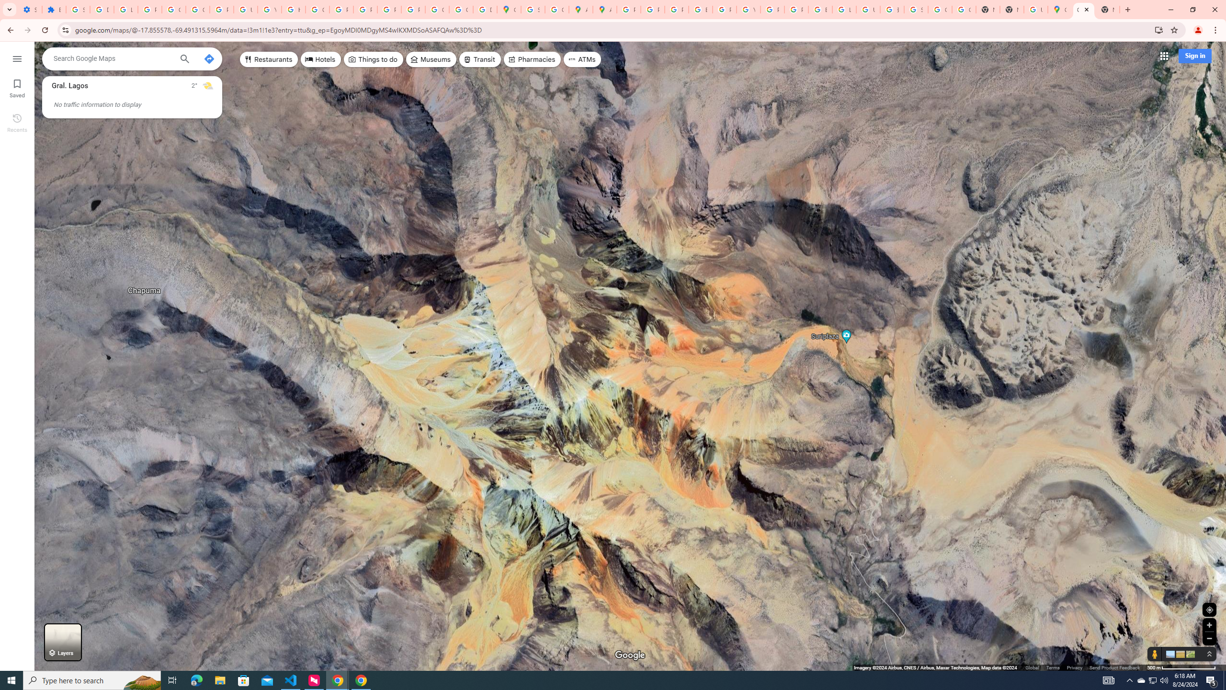  Describe the element at coordinates (1032, 667) in the screenshot. I see `'Global'` at that location.